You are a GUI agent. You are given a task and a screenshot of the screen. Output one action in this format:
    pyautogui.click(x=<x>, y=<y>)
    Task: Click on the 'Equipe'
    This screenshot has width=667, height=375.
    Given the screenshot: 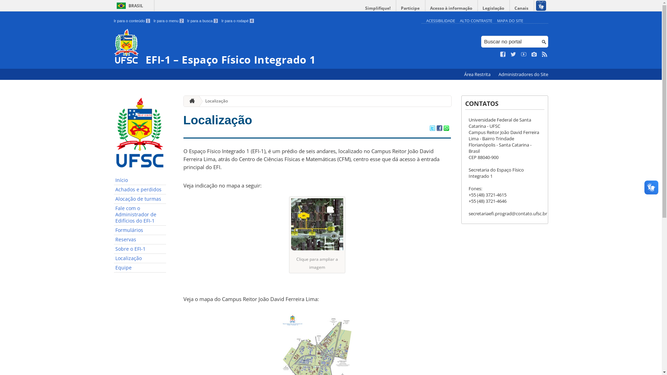 What is the action you would take?
    pyautogui.click(x=140, y=267)
    